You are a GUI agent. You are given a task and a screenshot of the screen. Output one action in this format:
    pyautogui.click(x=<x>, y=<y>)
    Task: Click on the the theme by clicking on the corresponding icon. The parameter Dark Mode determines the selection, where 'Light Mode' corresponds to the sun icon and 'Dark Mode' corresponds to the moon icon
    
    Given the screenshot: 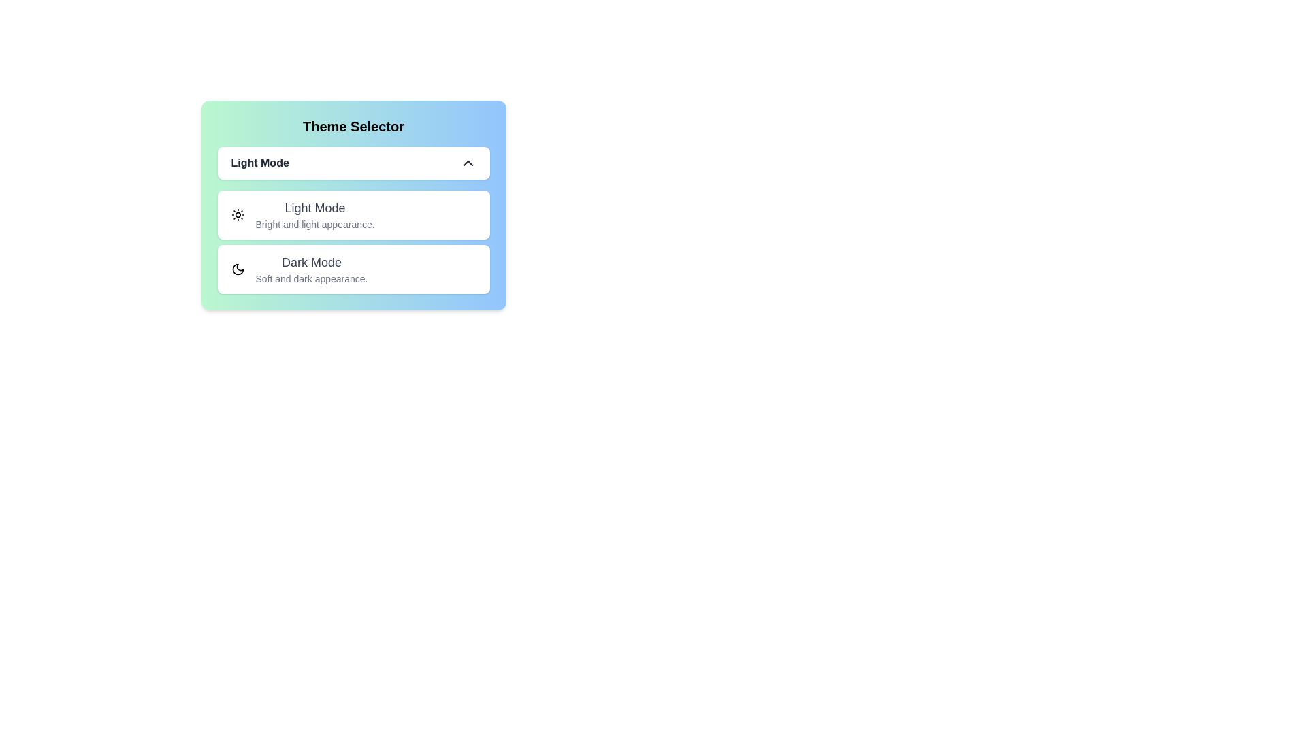 What is the action you would take?
    pyautogui.click(x=238, y=269)
    